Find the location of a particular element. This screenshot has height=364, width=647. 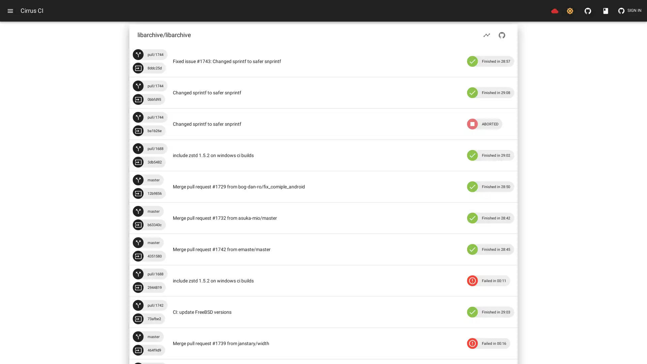

0bbfd95 is located at coordinates (148, 99).